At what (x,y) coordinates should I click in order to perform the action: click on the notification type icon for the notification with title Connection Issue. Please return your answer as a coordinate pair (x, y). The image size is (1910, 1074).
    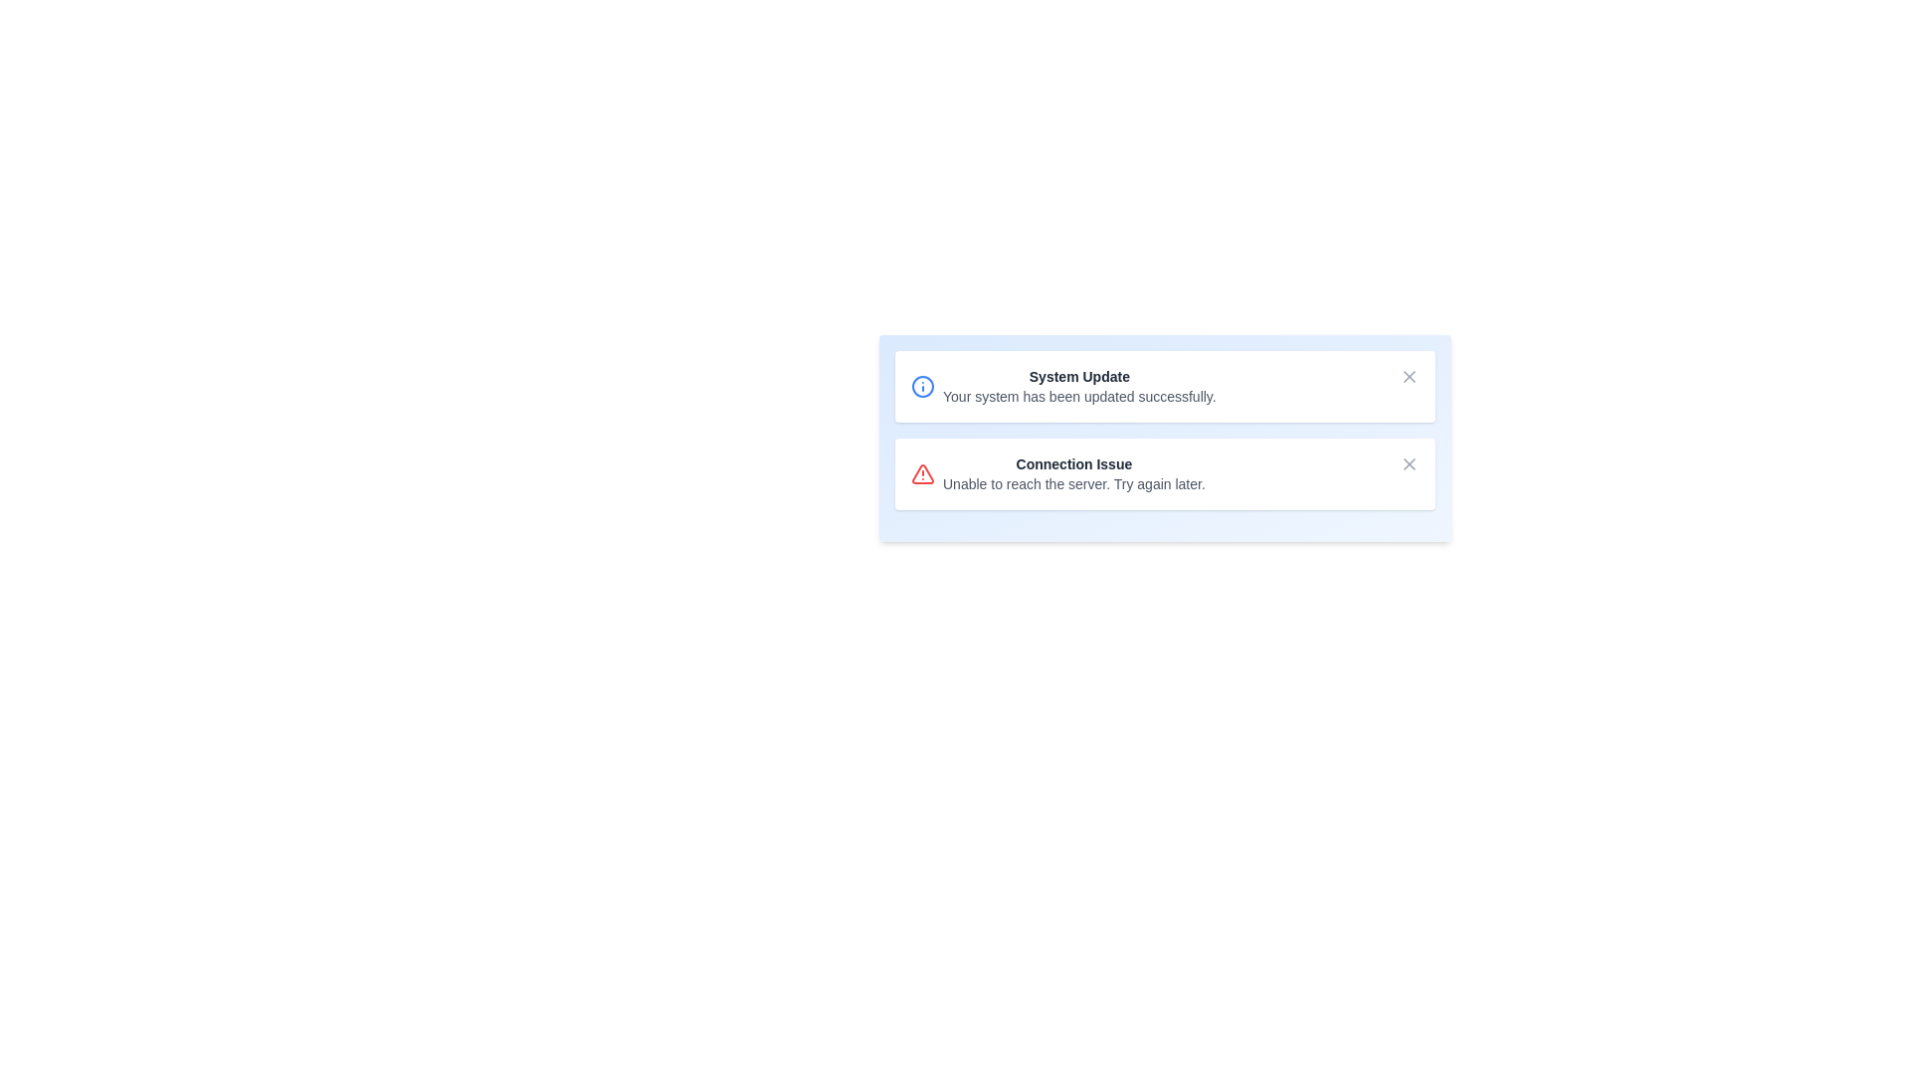
    Looking at the image, I should click on (921, 474).